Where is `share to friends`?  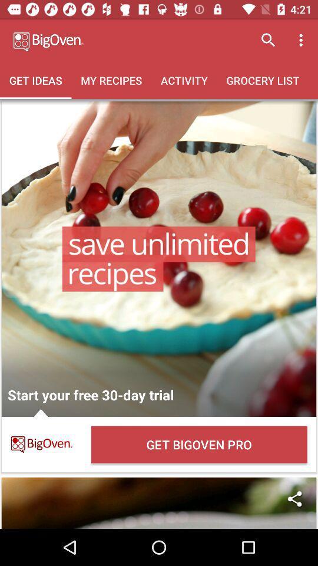 share to friends is located at coordinates (159, 502).